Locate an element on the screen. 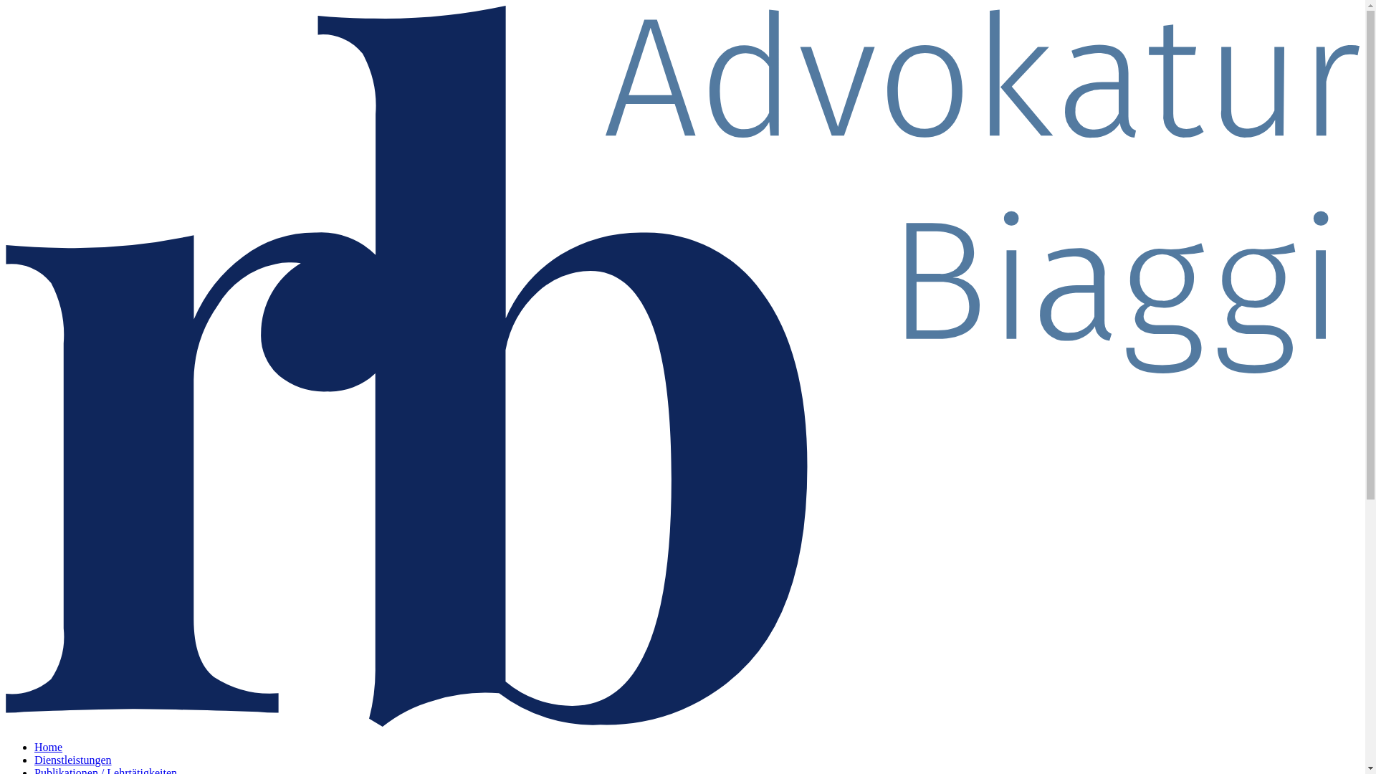 The height and width of the screenshot is (774, 1376). ' ' is located at coordinates (6, 365).